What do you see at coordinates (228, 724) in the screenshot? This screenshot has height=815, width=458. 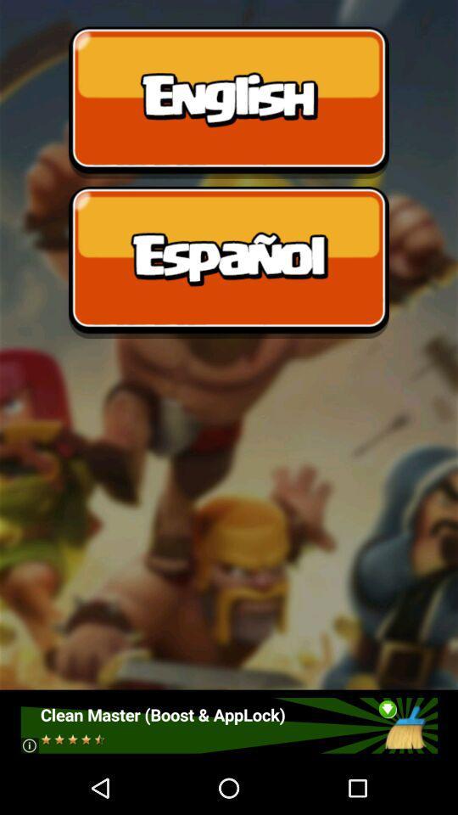 I see `advertisement` at bounding box center [228, 724].